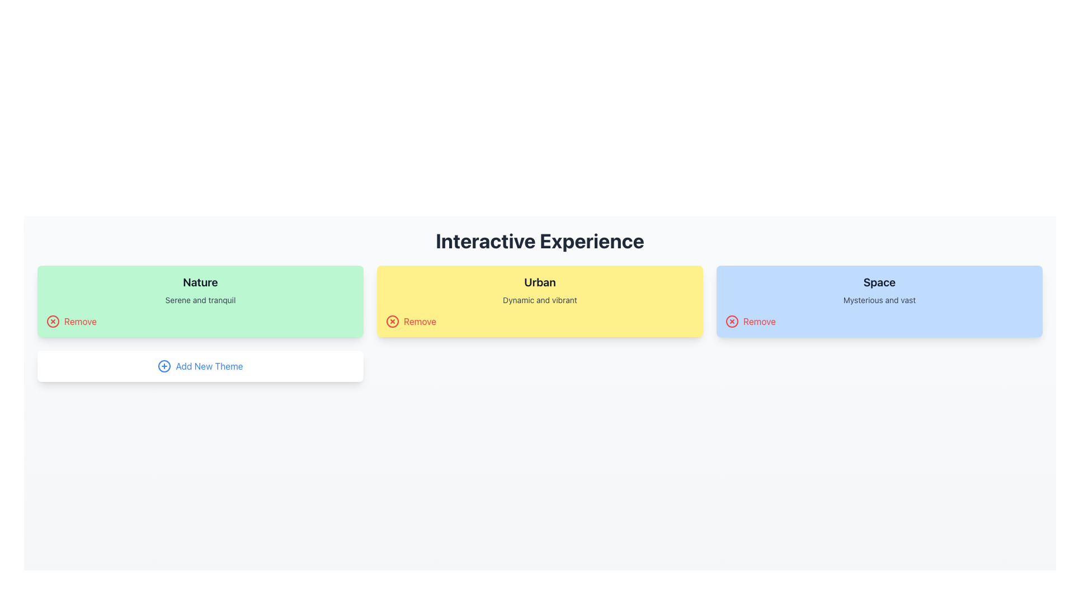 The image size is (1074, 604). Describe the element at coordinates (200, 282) in the screenshot. I see `the text label reading 'Nature', which is styled in bold, black text on a green rectangular card, located at the top-center of the leftmost card in a set of three cards` at that location.